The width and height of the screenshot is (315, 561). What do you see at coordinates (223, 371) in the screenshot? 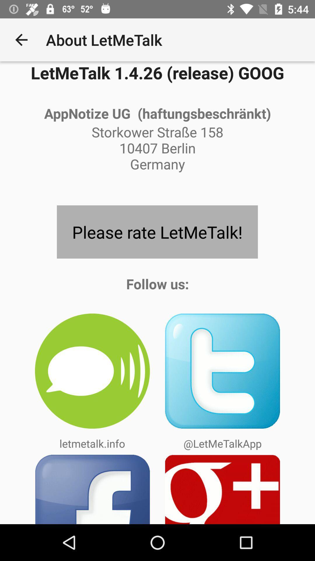
I see `icon on the right` at bounding box center [223, 371].